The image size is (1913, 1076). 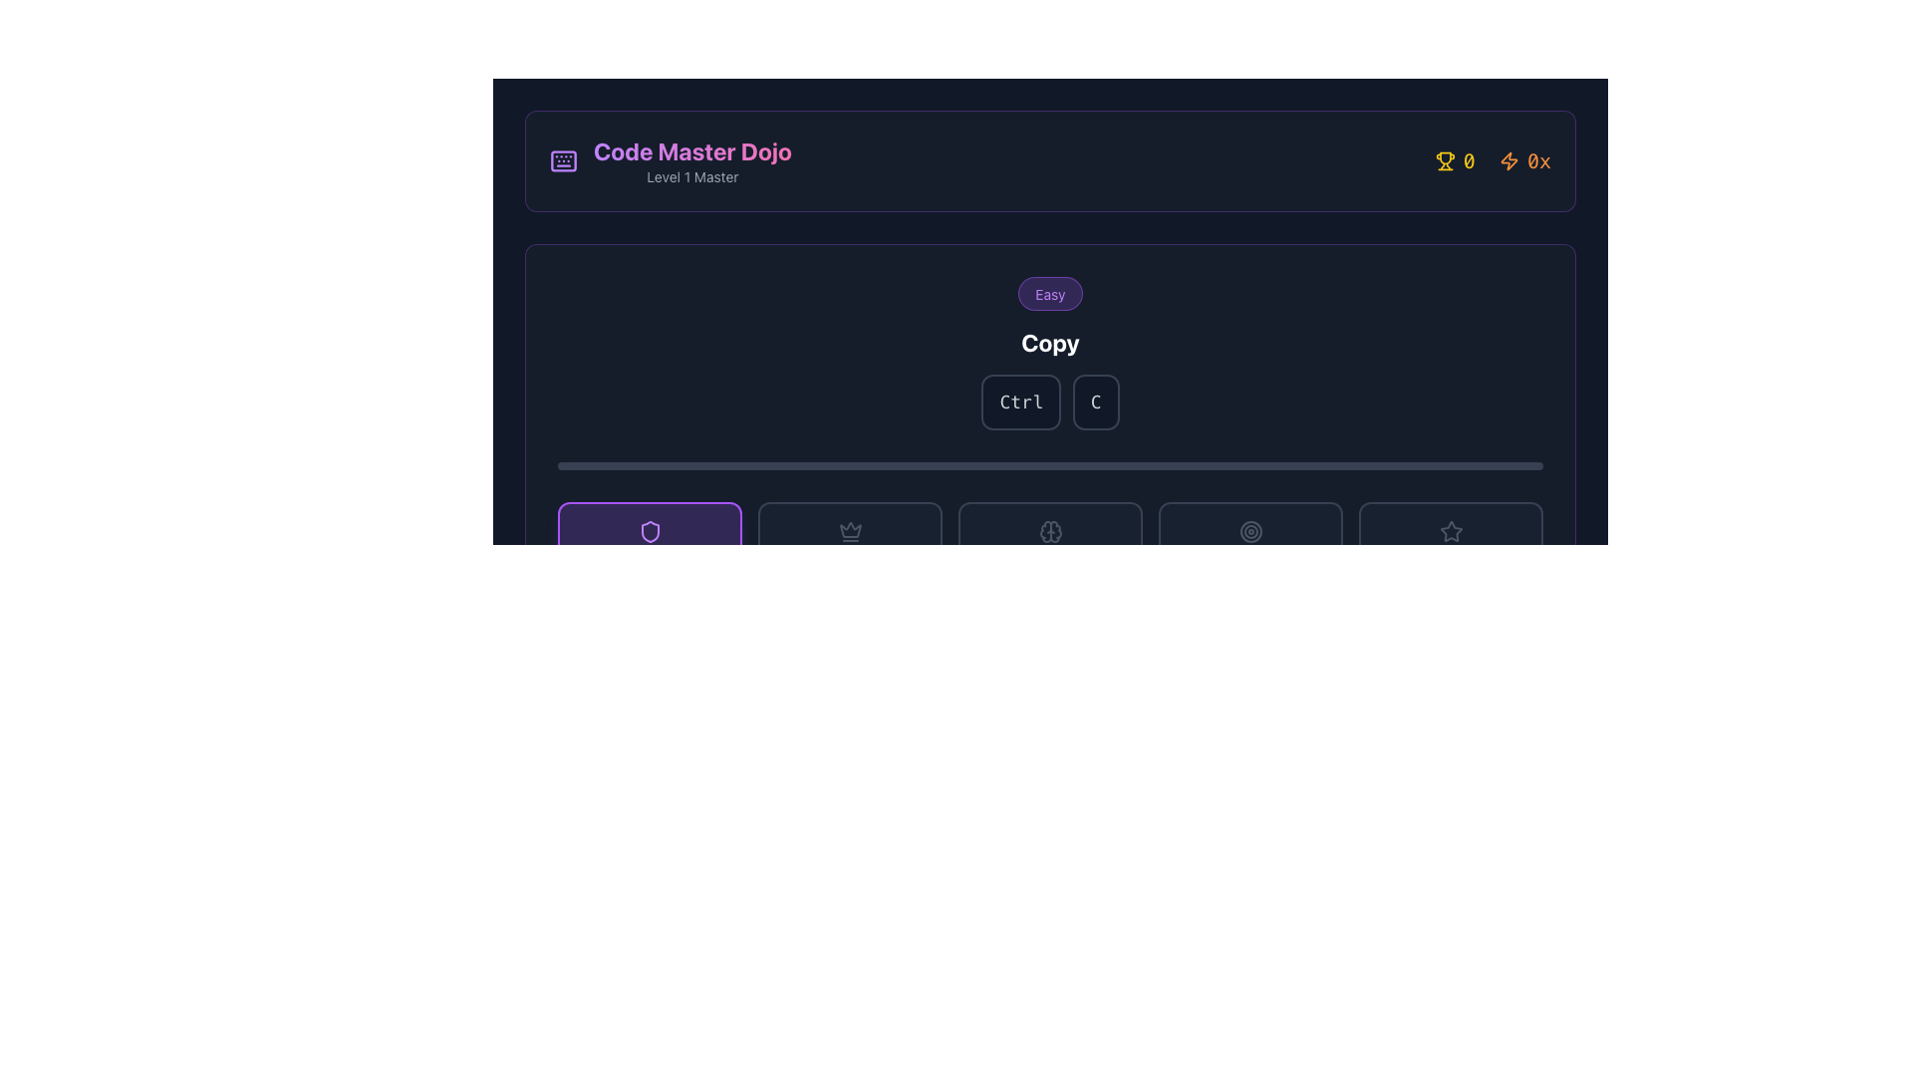 What do you see at coordinates (650, 530) in the screenshot?
I see `the shield icon button located at the leftmost position of the grid row at the bottom of the interface` at bounding box center [650, 530].